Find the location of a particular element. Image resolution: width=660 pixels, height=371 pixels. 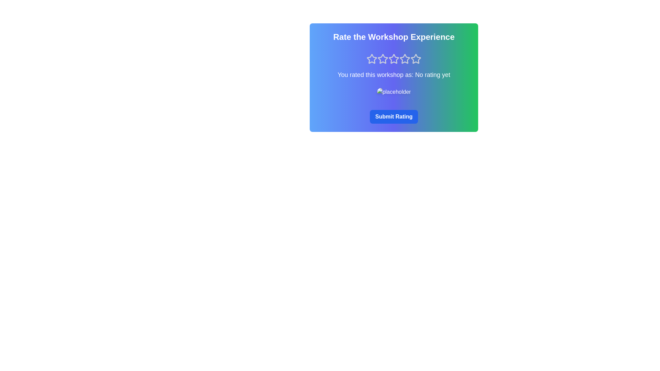

the star corresponding to 4 stars to preview the rating is located at coordinates (405, 59).